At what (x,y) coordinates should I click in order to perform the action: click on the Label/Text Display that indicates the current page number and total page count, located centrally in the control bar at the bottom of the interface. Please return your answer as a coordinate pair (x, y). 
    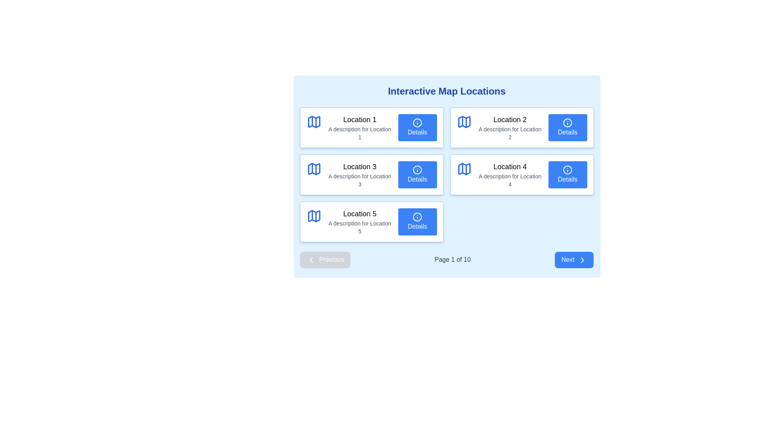
    Looking at the image, I should click on (453, 260).